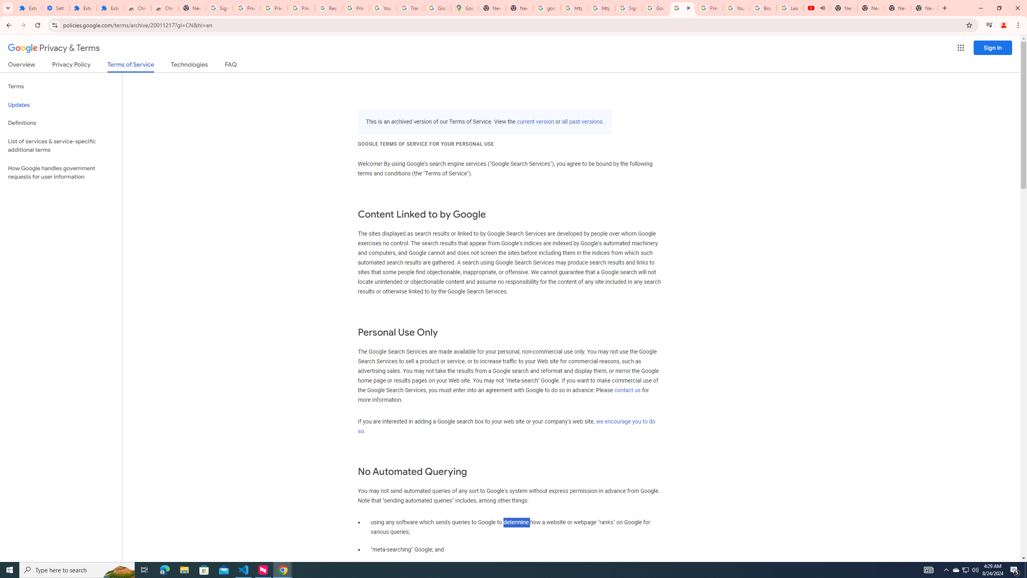 The image size is (1027, 578). What do you see at coordinates (164, 8) in the screenshot?
I see `'Chrome Web Store - Themes'` at bounding box center [164, 8].